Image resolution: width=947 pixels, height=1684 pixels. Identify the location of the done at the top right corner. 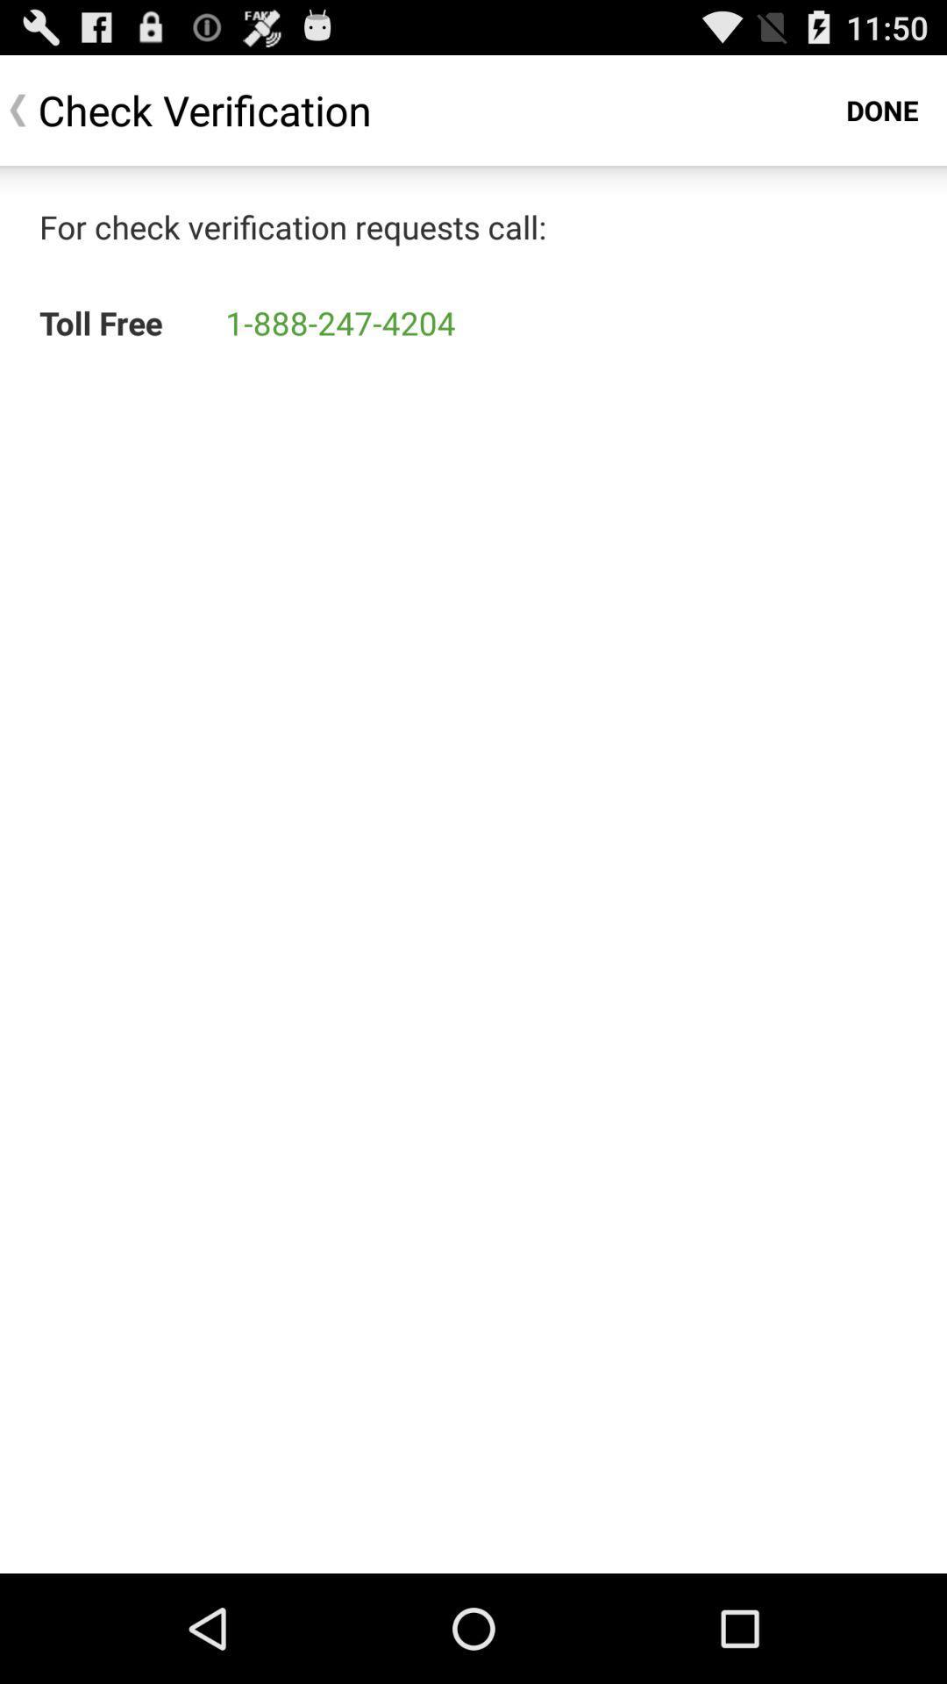
(882, 109).